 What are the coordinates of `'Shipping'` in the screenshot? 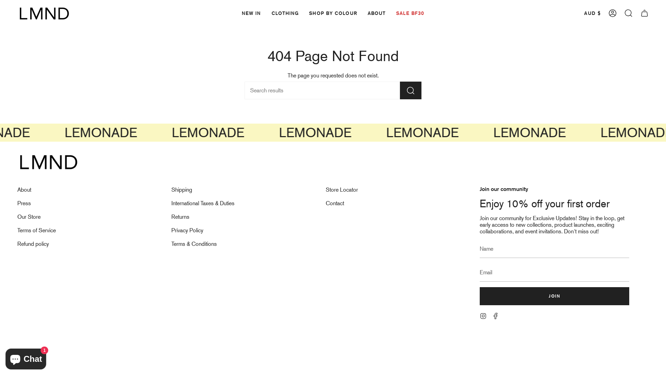 It's located at (181, 190).